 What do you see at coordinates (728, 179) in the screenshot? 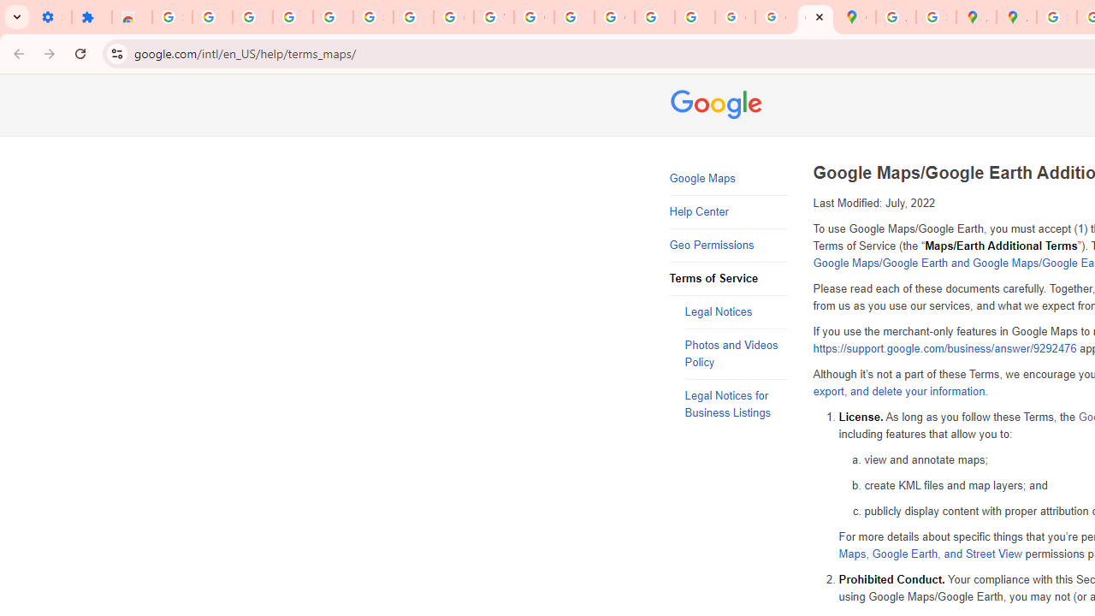
I see `'Google Maps'` at bounding box center [728, 179].